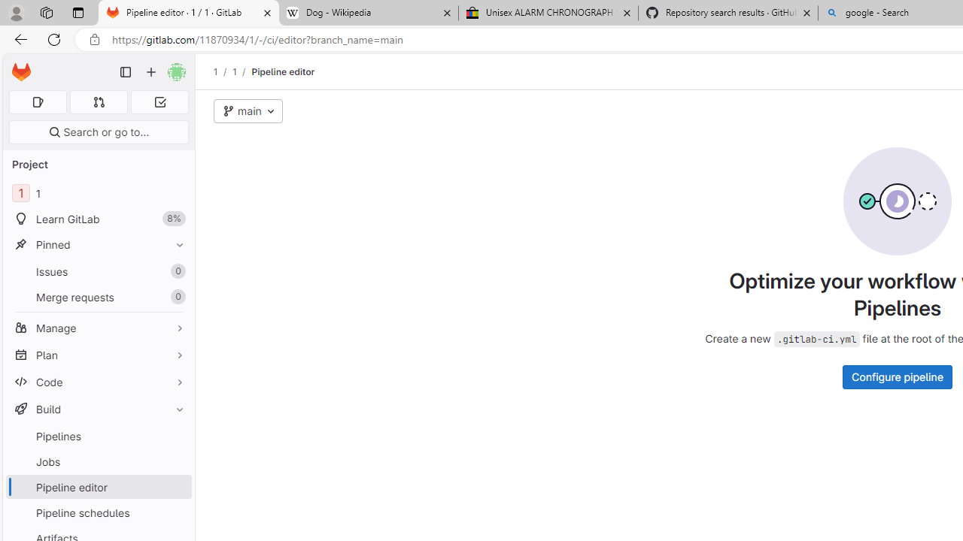  I want to click on 'main', so click(248, 110).